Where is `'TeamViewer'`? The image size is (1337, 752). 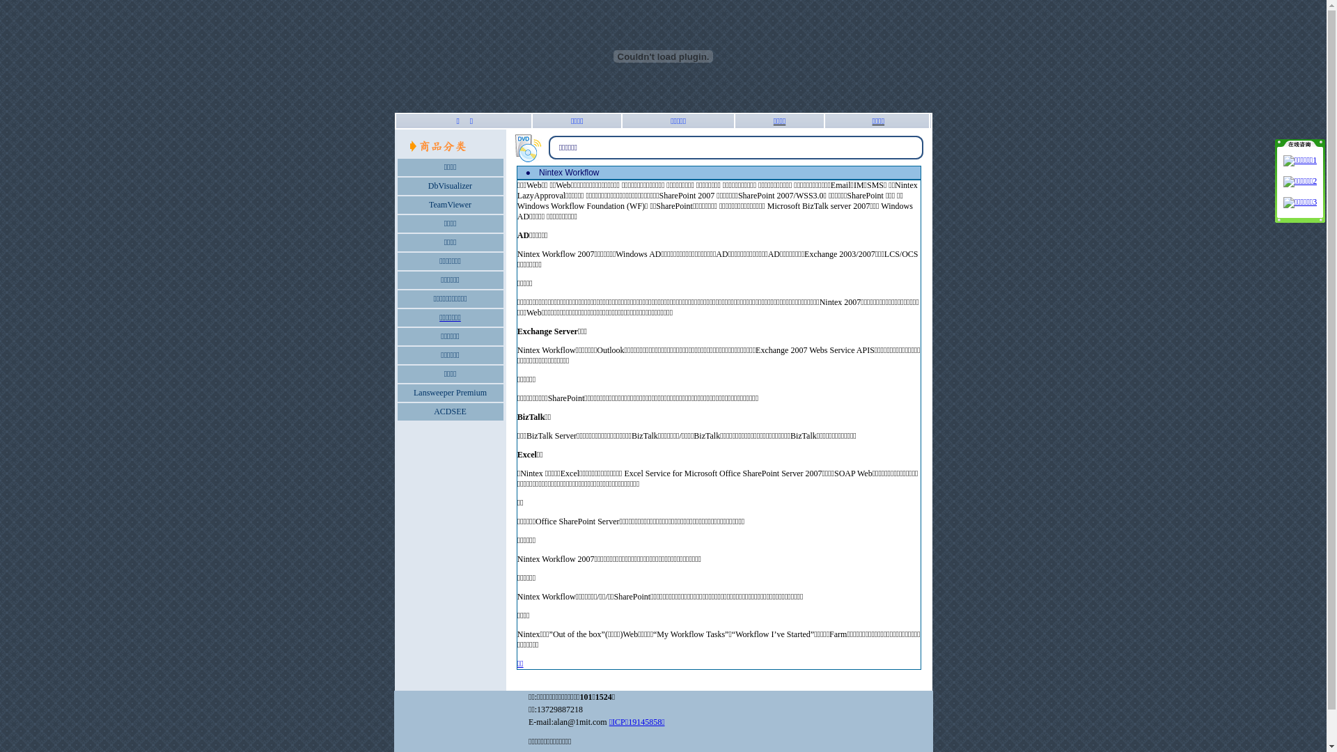
'TeamViewer' is located at coordinates (450, 204).